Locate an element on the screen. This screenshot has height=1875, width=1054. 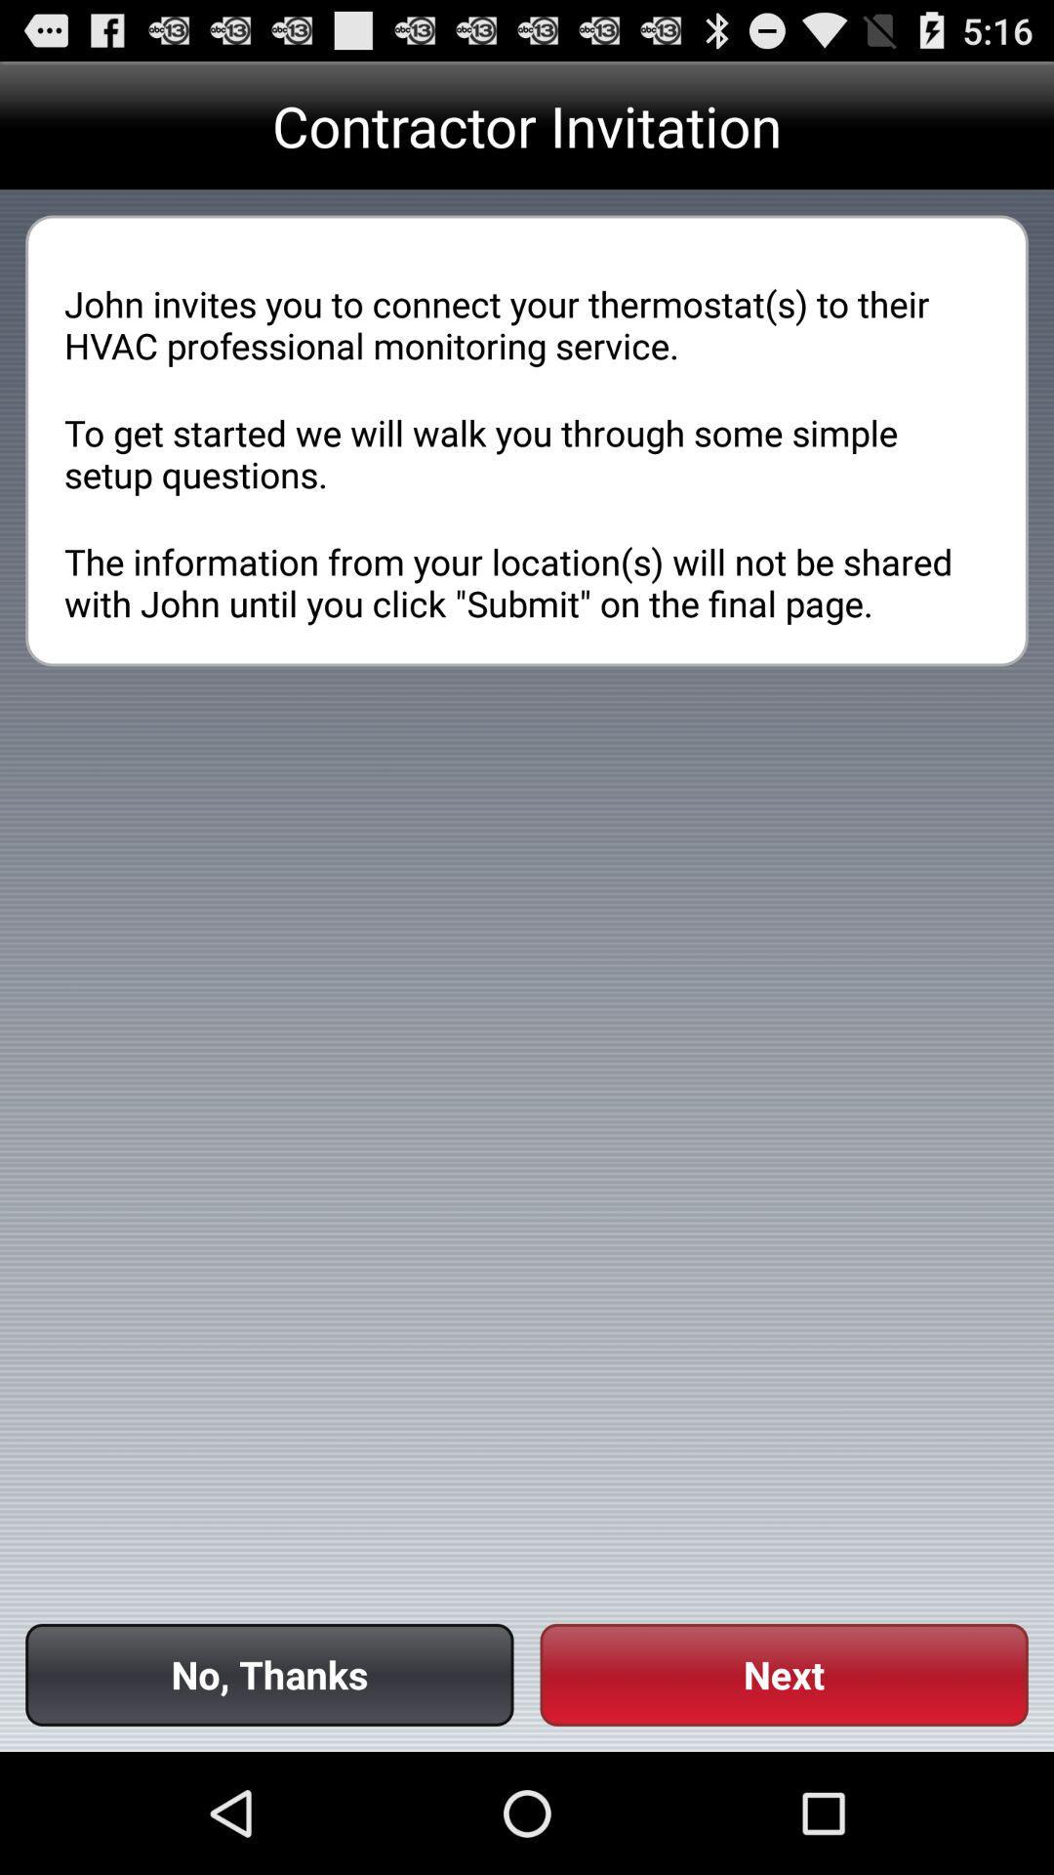
button to the right of the no, thanks icon is located at coordinates (783, 1674).